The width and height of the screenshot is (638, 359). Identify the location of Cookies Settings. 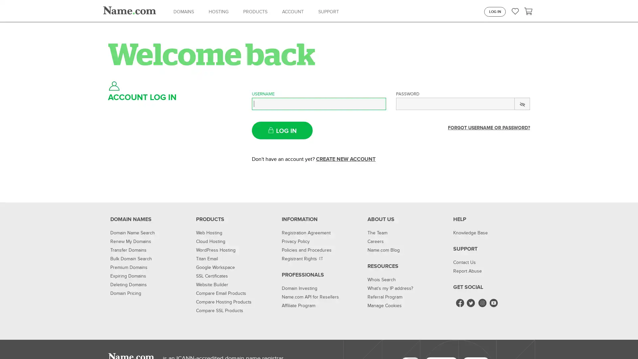
(464, 341).